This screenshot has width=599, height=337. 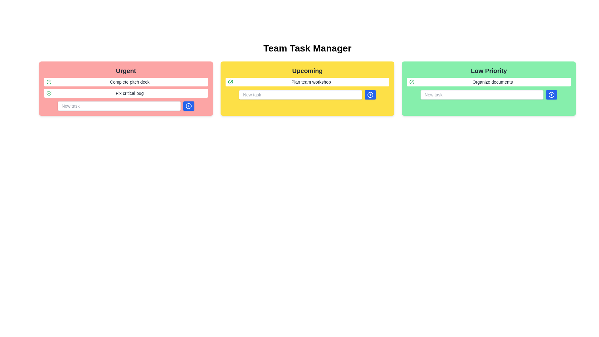 I want to click on the 'Add Task' button located on the far right of the 'Upcoming' section, so click(x=370, y=95).